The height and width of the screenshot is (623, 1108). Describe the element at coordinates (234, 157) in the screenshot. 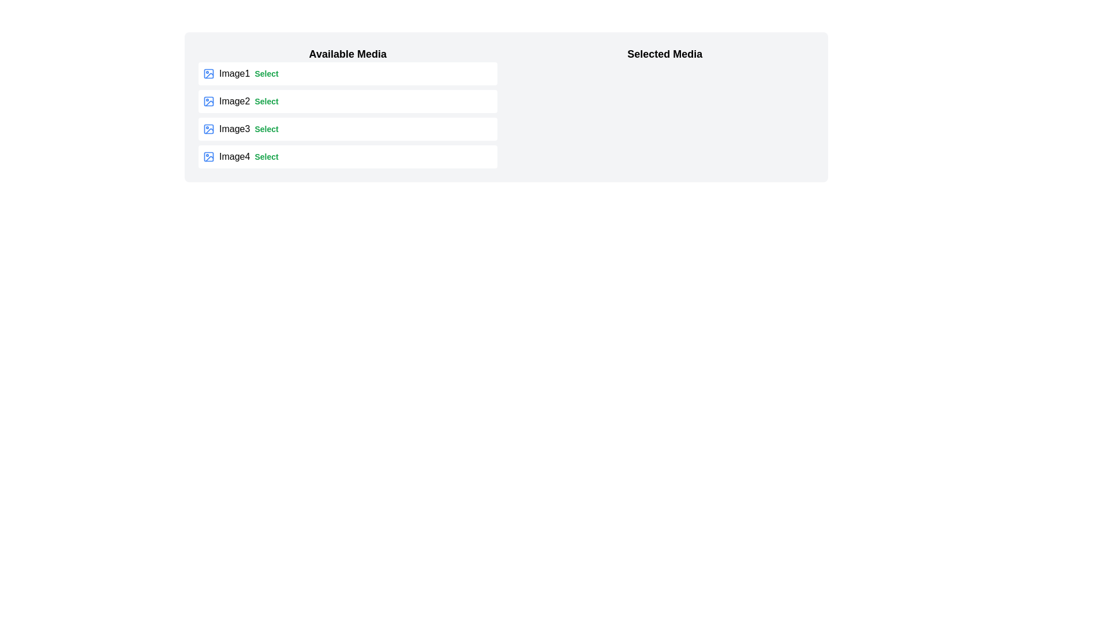

I see `the text label displaying 'Image4' which is bold, located in the 'Available Media' section, between a blue image icon on the left and a green 'Select' link on the right` at that location.